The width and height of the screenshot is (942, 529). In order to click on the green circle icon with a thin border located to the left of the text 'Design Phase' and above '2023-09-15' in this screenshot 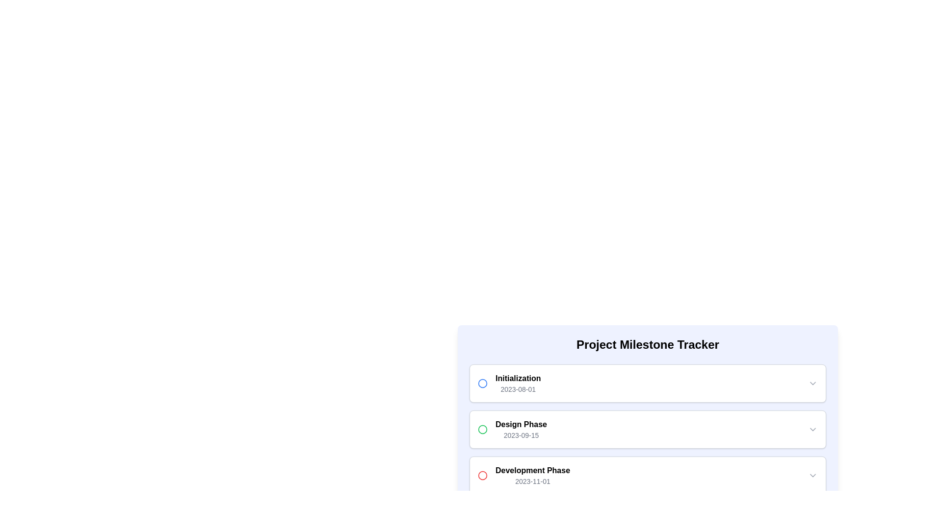, I will do `click(482, 429)`.